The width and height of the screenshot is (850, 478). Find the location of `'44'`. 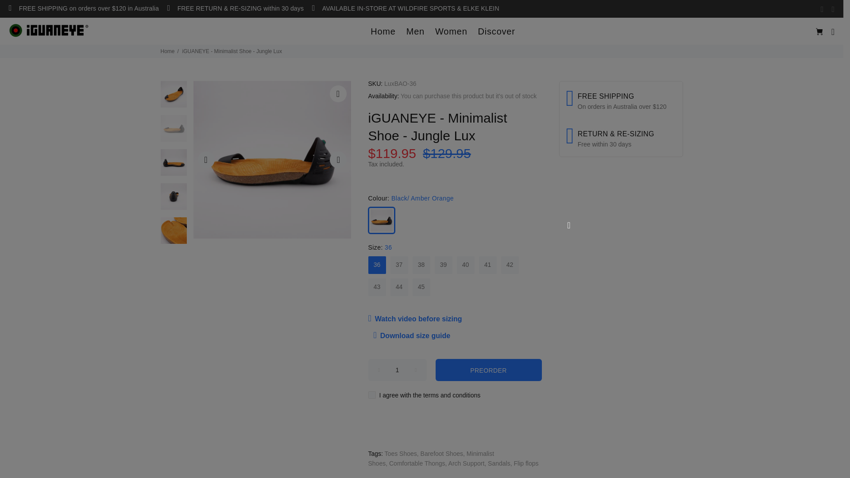

'44' is located at coordinates (399, 287).